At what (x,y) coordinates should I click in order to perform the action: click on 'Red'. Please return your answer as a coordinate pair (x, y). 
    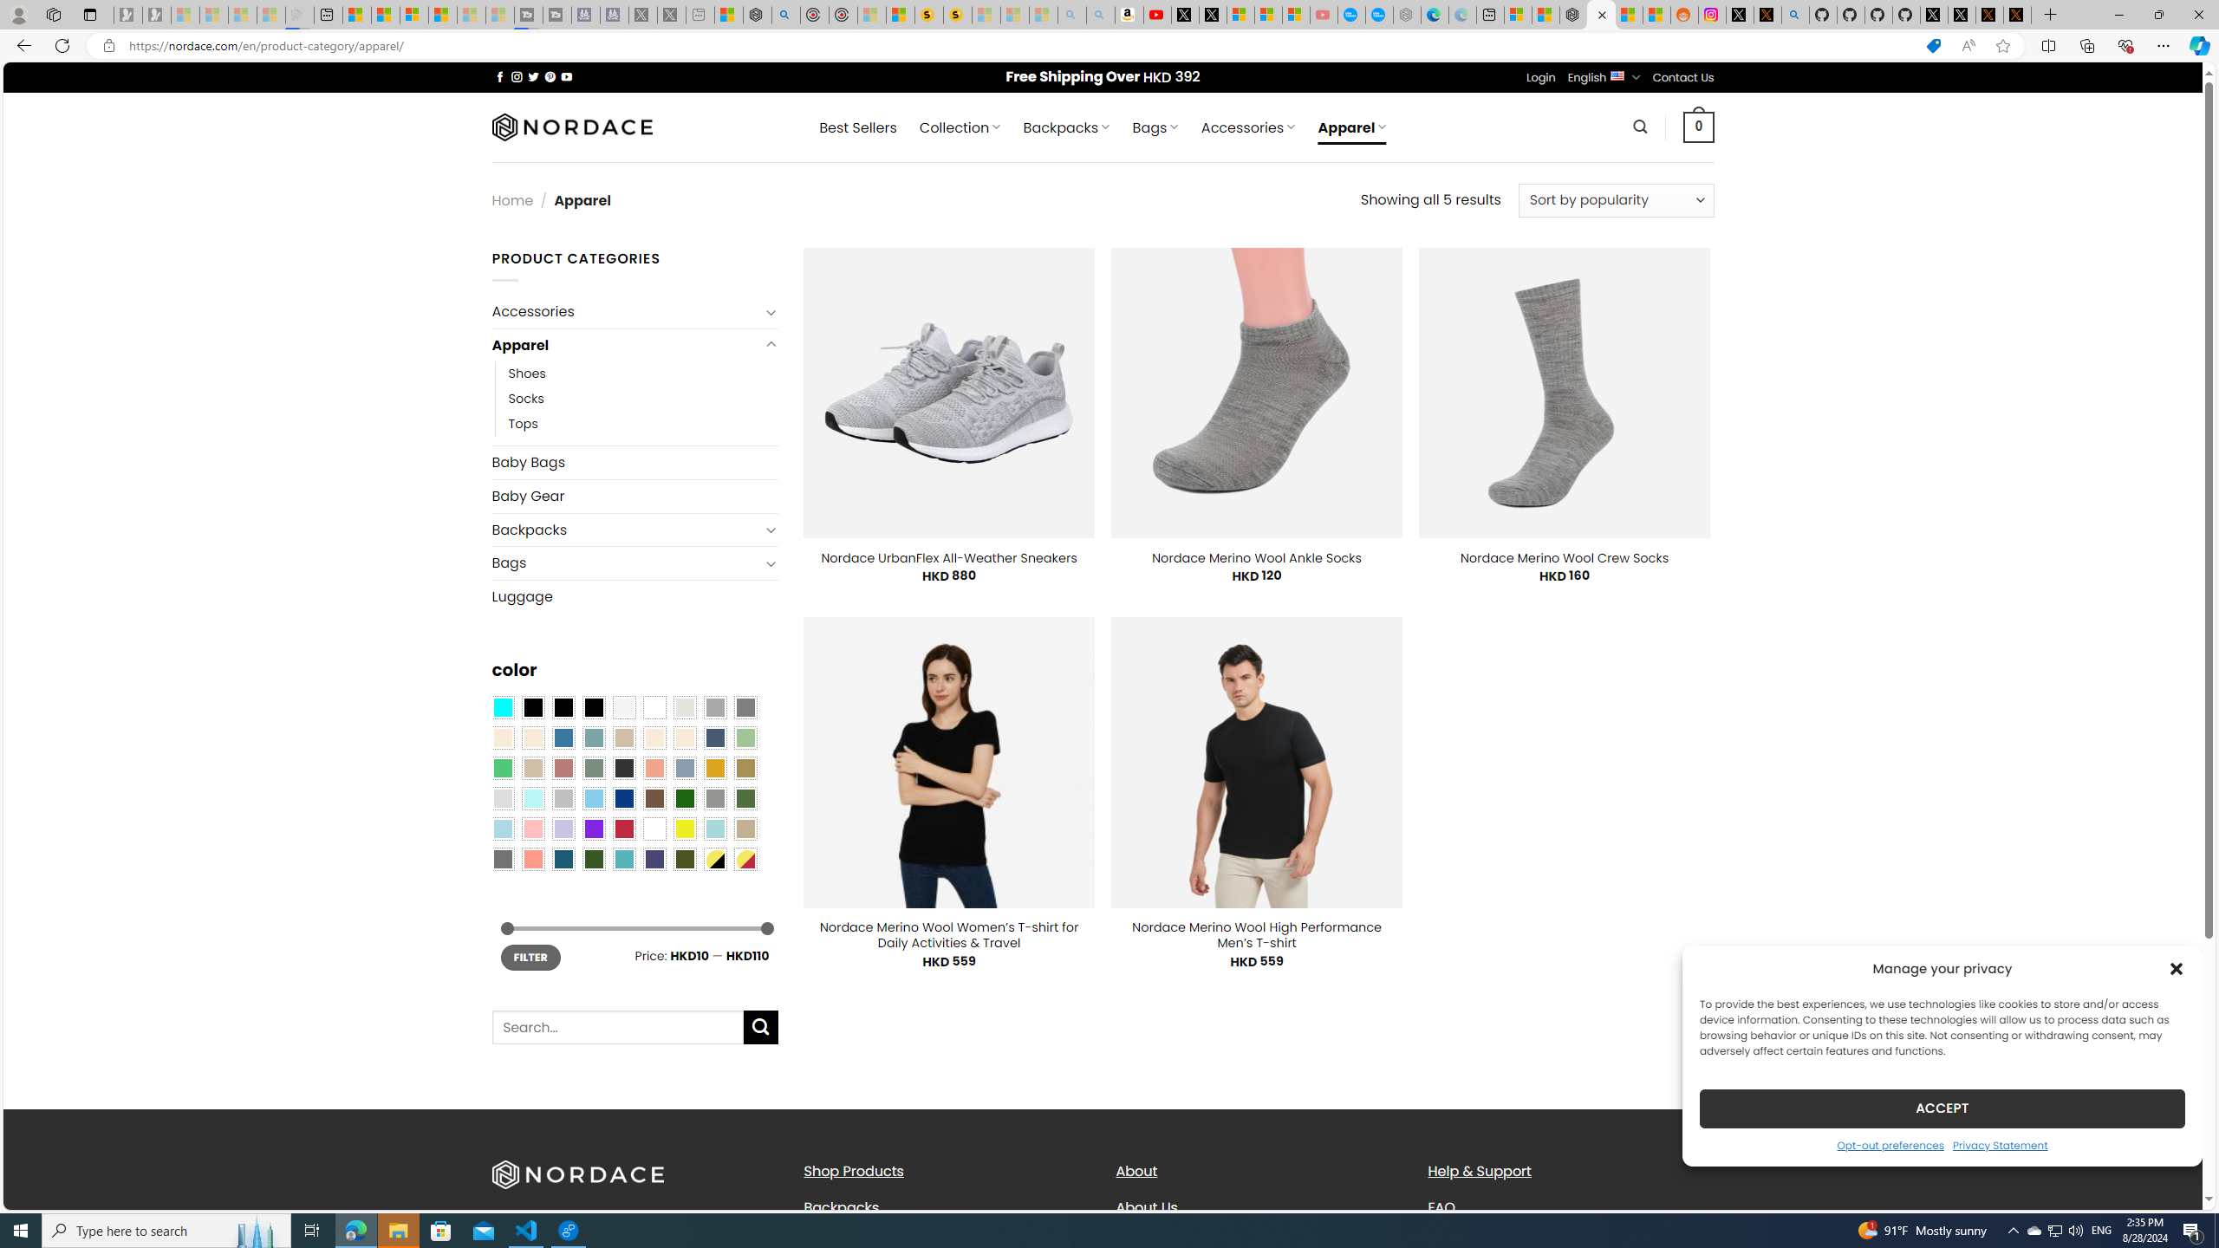
    Looking at the image, I should click on (622, 828).